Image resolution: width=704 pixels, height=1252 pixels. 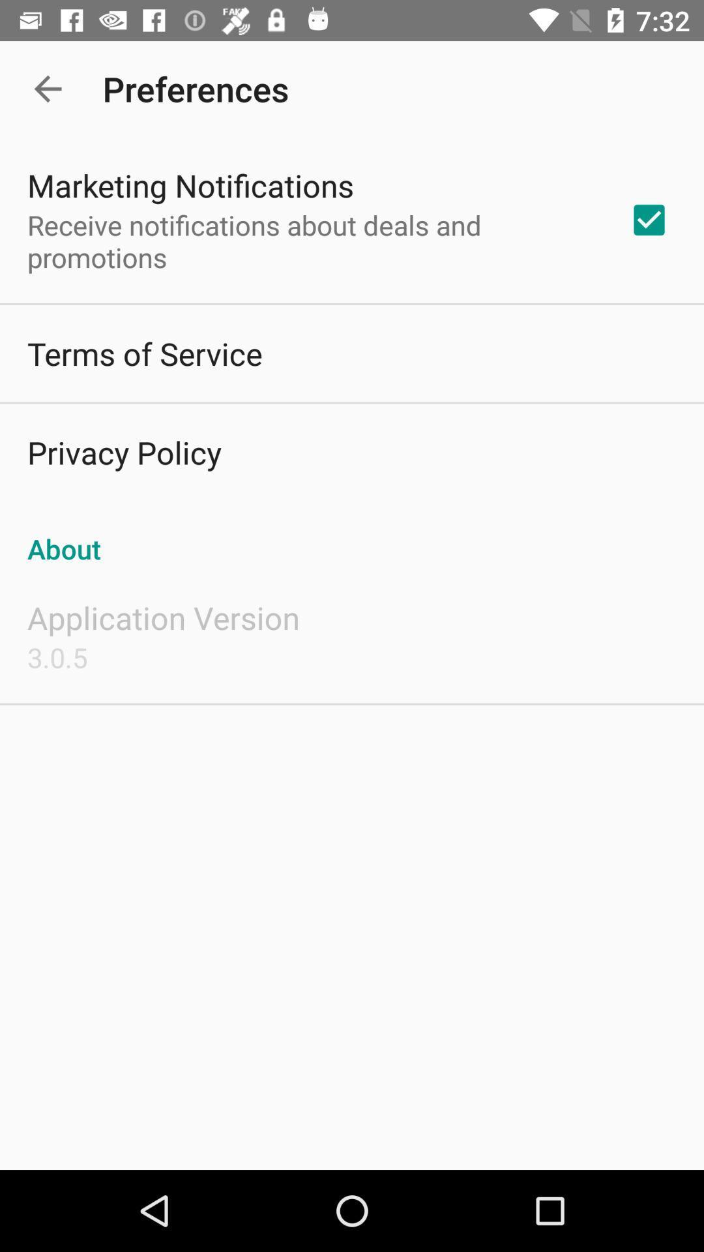 What do you see at coordinates (162, 617) in the screenshot?
I see `application version app` at bounding box center [162, 617].